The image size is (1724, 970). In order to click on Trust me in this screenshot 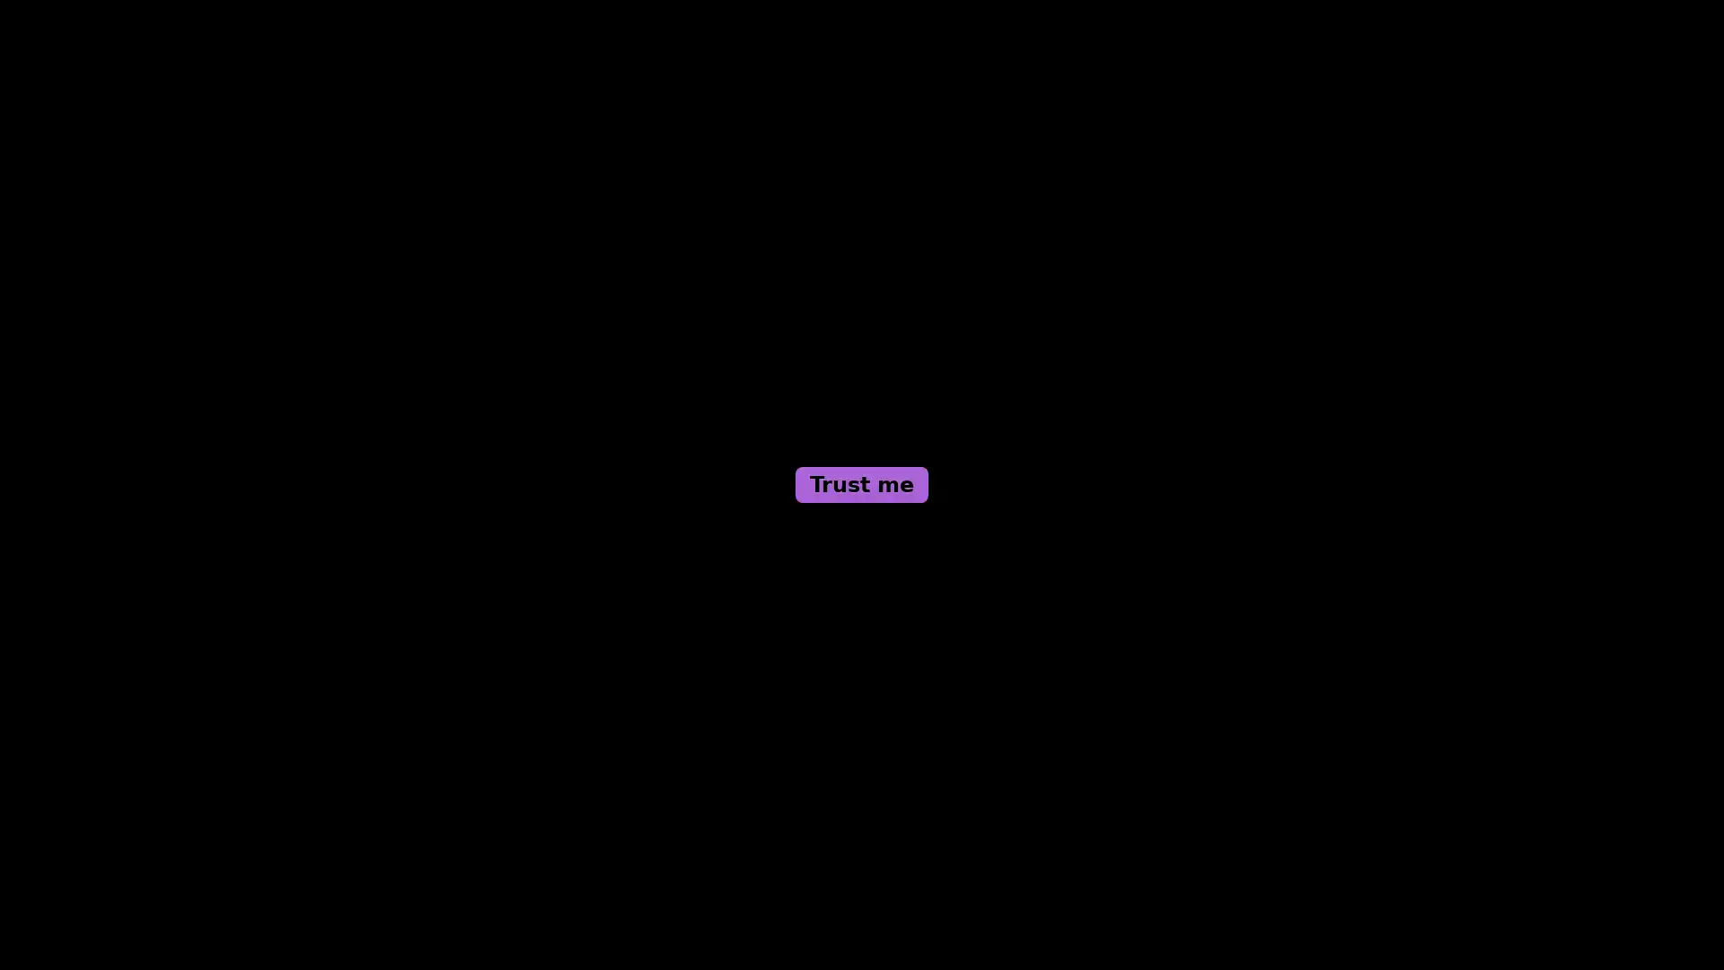, I will do `click(862, 485)`.